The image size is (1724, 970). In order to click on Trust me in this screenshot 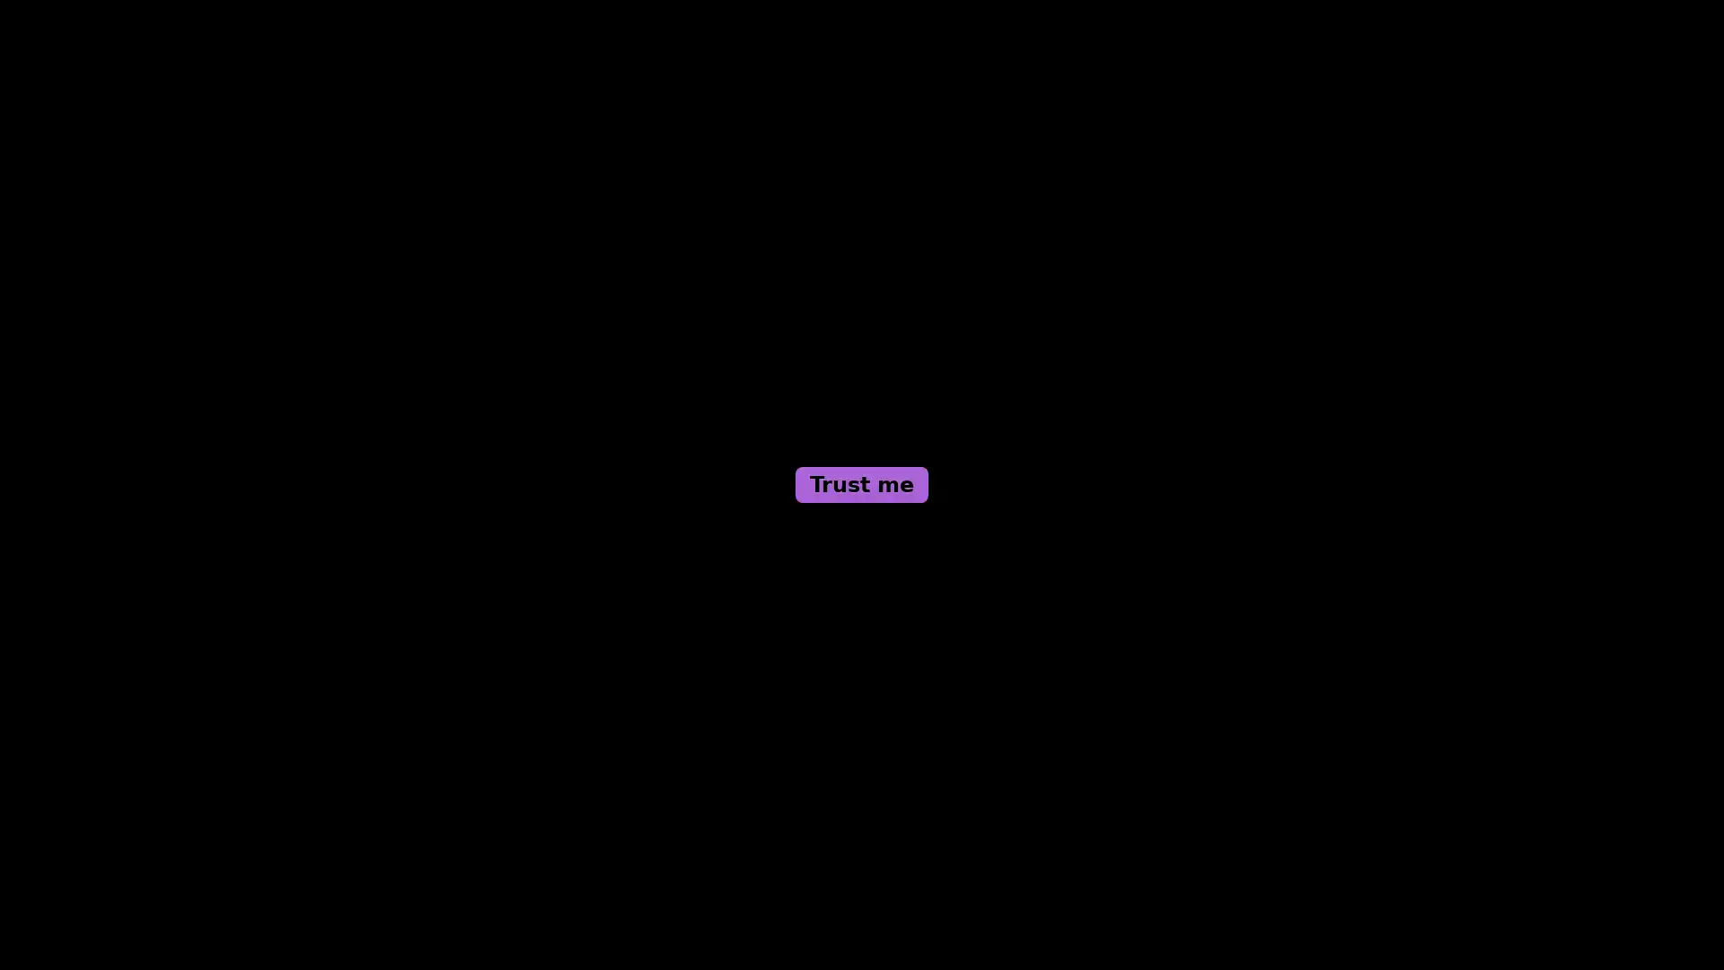, I will do `click(862, 485)`.